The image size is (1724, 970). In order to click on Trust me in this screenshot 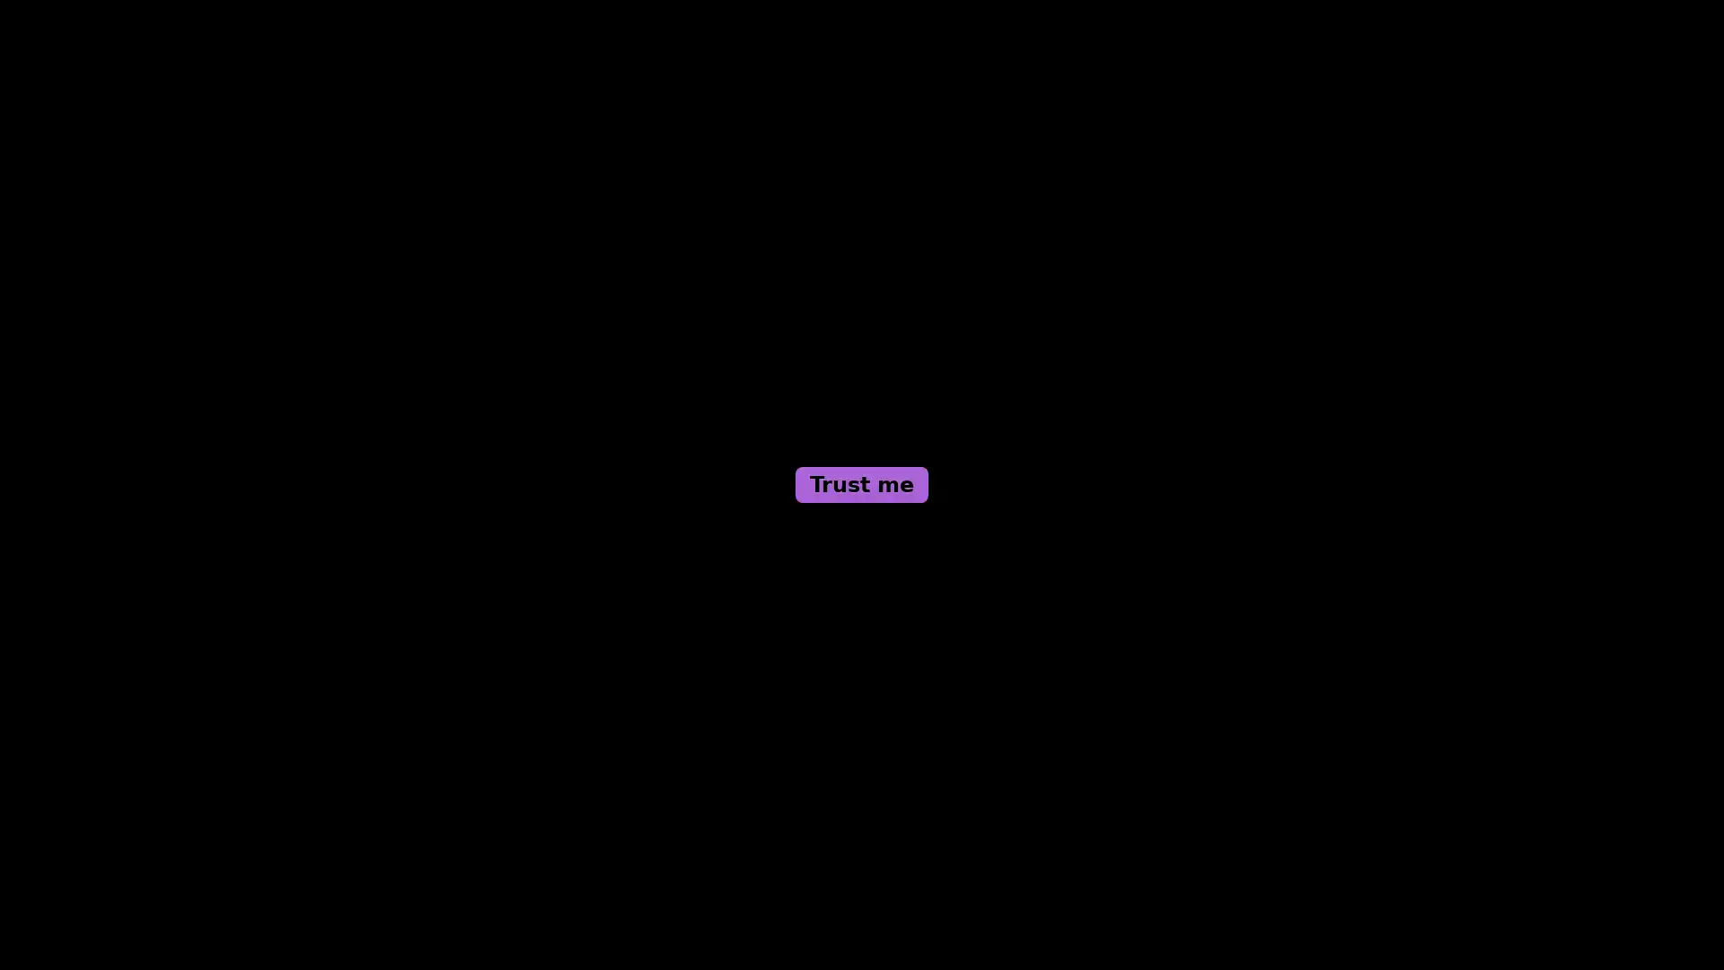, I will do `click(862, 485)`.